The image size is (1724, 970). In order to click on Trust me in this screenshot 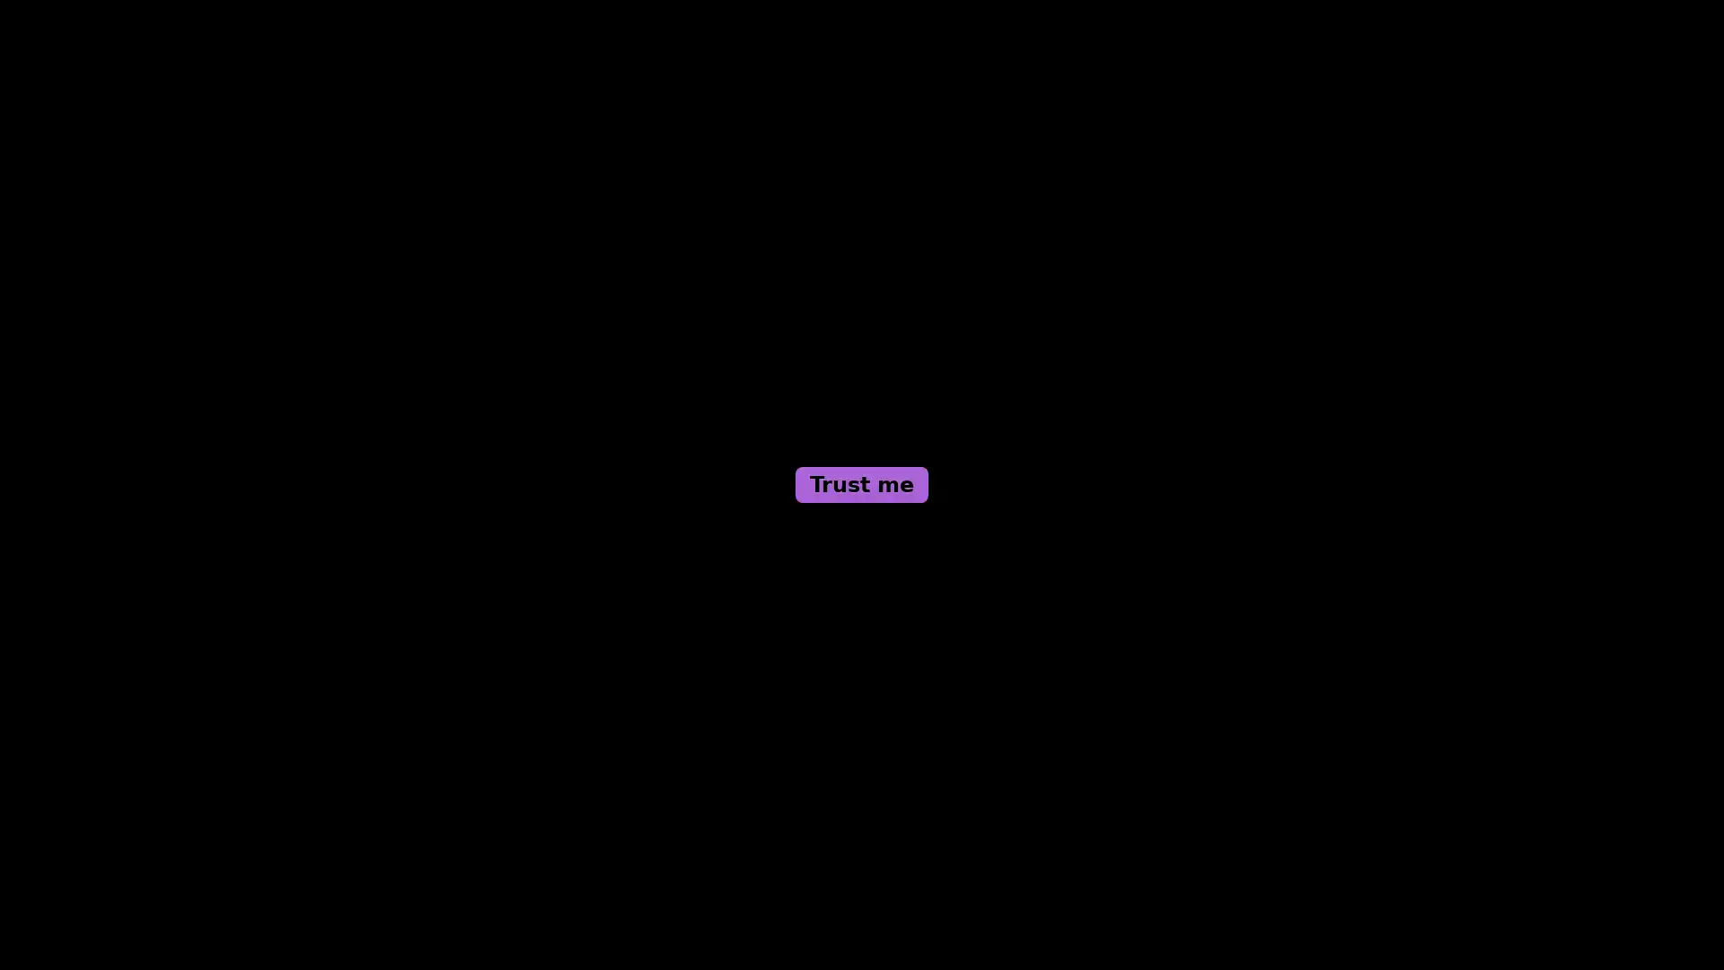, I will do `click(862, 485)`.